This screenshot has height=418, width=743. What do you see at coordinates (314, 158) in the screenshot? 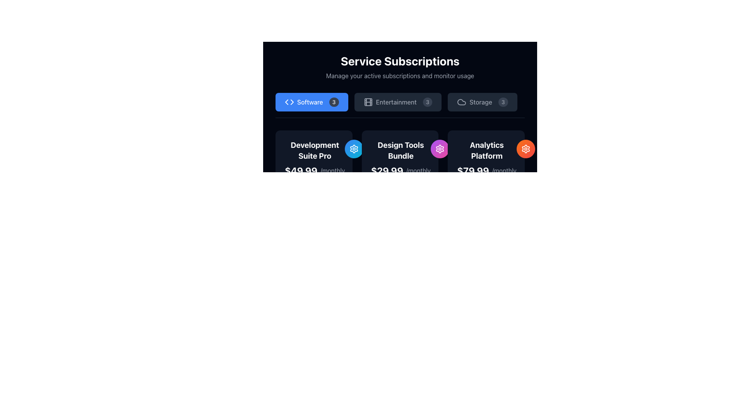
I see `the 'Development Suite Pro' subscription plan card, which features the title in bold white text on a dark blue background and the price '$49.99/monthly' prominently displayed` at bounding box center [314, 158].